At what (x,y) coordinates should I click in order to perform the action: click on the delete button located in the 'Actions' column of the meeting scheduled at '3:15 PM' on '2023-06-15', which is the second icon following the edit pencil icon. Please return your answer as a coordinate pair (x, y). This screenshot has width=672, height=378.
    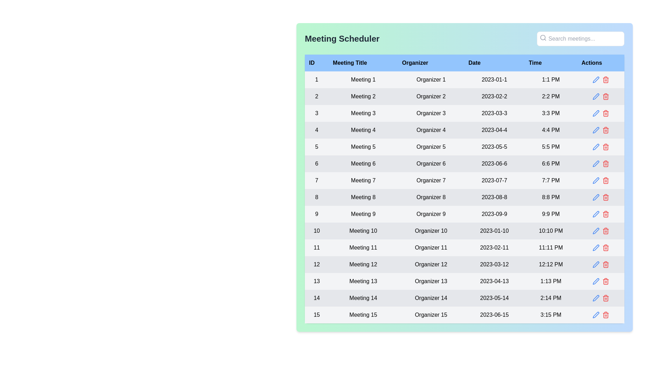
    Looking at the image, I should click on (605, 314).